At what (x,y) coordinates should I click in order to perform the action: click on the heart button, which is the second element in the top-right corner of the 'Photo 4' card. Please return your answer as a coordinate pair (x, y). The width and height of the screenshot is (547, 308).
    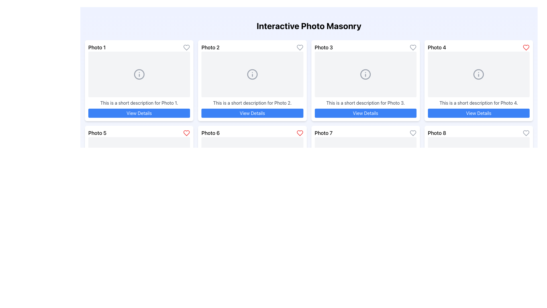
    Looking at the image, I should click on (526, 47).